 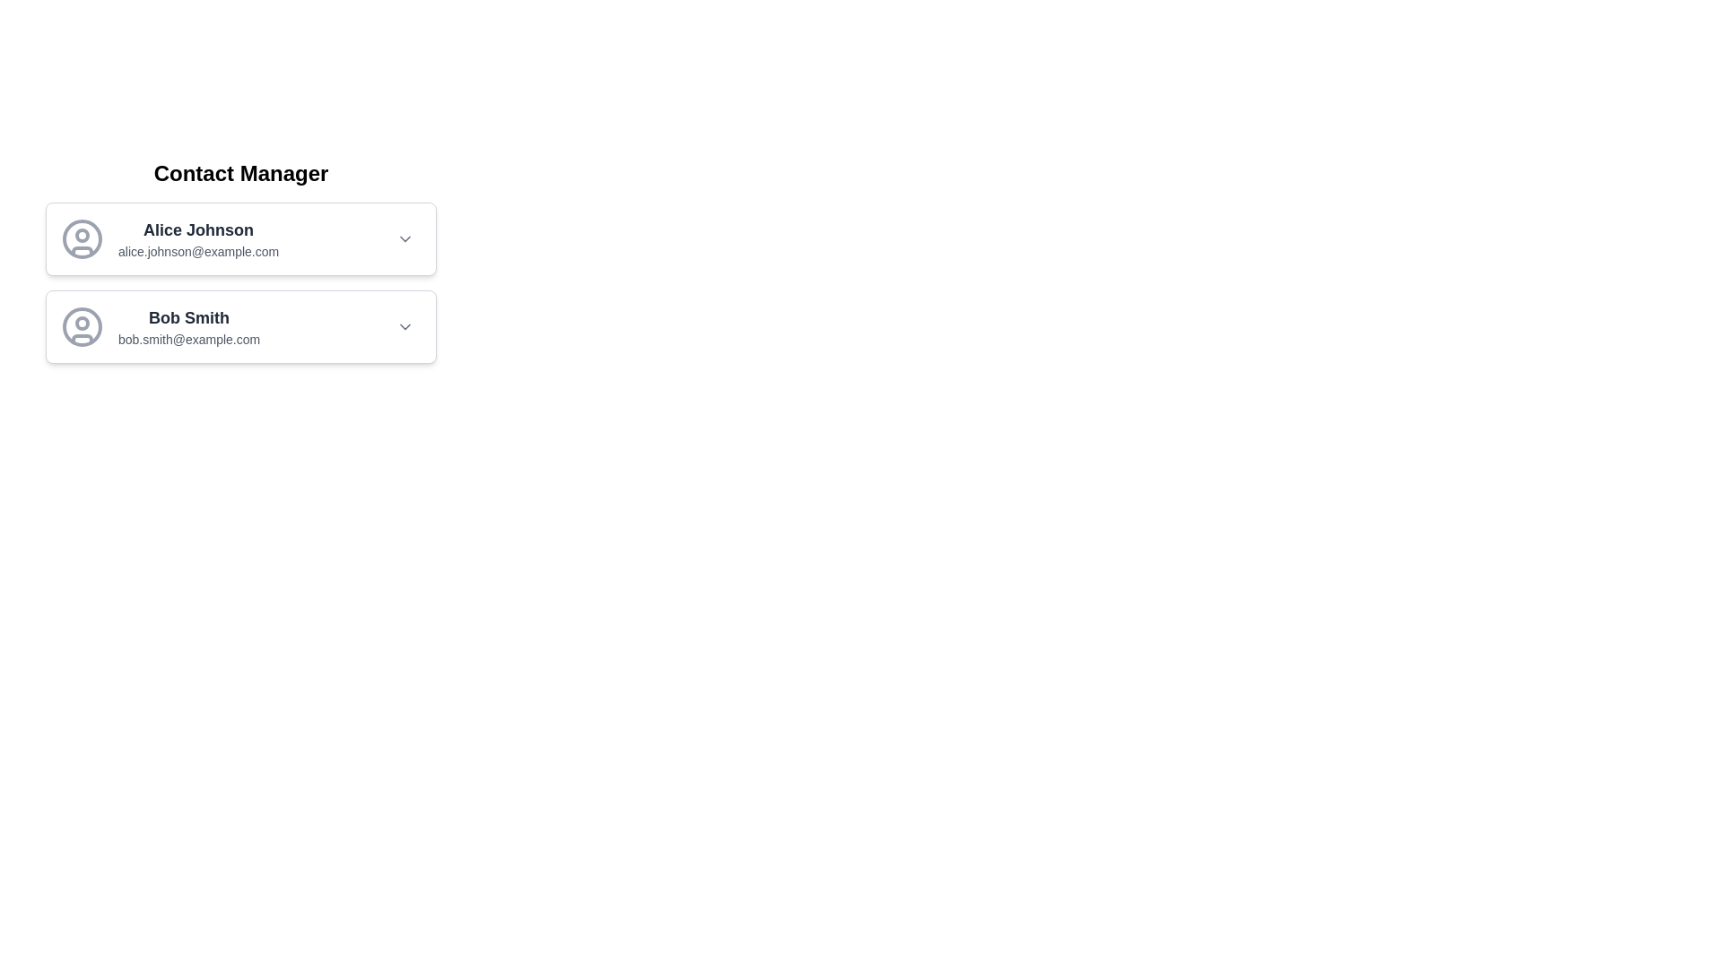 What do you see at coordinates (81, 327) in the screenshot?
I see `the user avatar icon, which is a circular outline with a small head circle and shoulders, located to the left of 'Bob Smith' and 'bob.smith@example.com'` at bounding box center [81, 327].